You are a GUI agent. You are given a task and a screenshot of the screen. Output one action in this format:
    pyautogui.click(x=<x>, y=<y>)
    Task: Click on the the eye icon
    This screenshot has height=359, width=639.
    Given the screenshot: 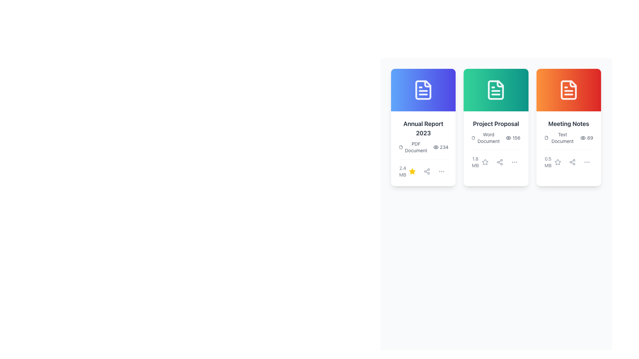 What is the action you would take?
    pyautogui.click(x=508, y=138)
    